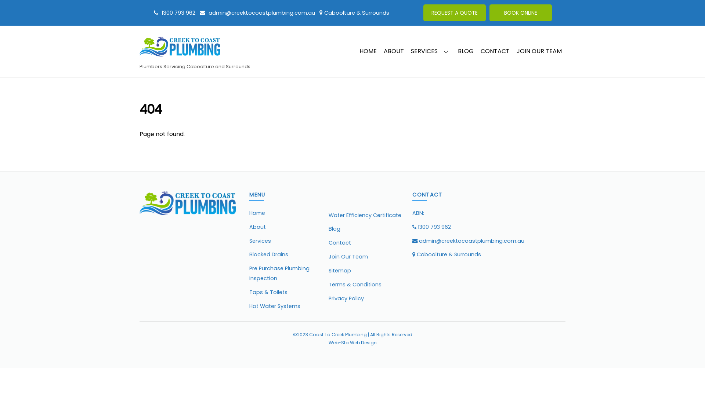  What do you see at coordinates (346, 298) in the screenshot?
I see `'Privacy Policy'` at bounding box center [346, 298].